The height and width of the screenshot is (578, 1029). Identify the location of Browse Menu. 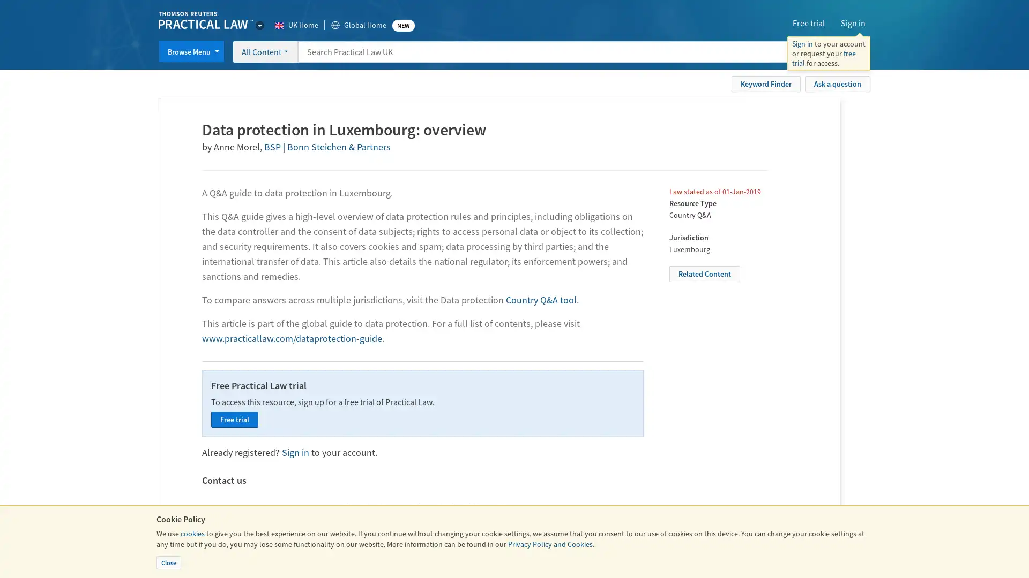
(191, 51).